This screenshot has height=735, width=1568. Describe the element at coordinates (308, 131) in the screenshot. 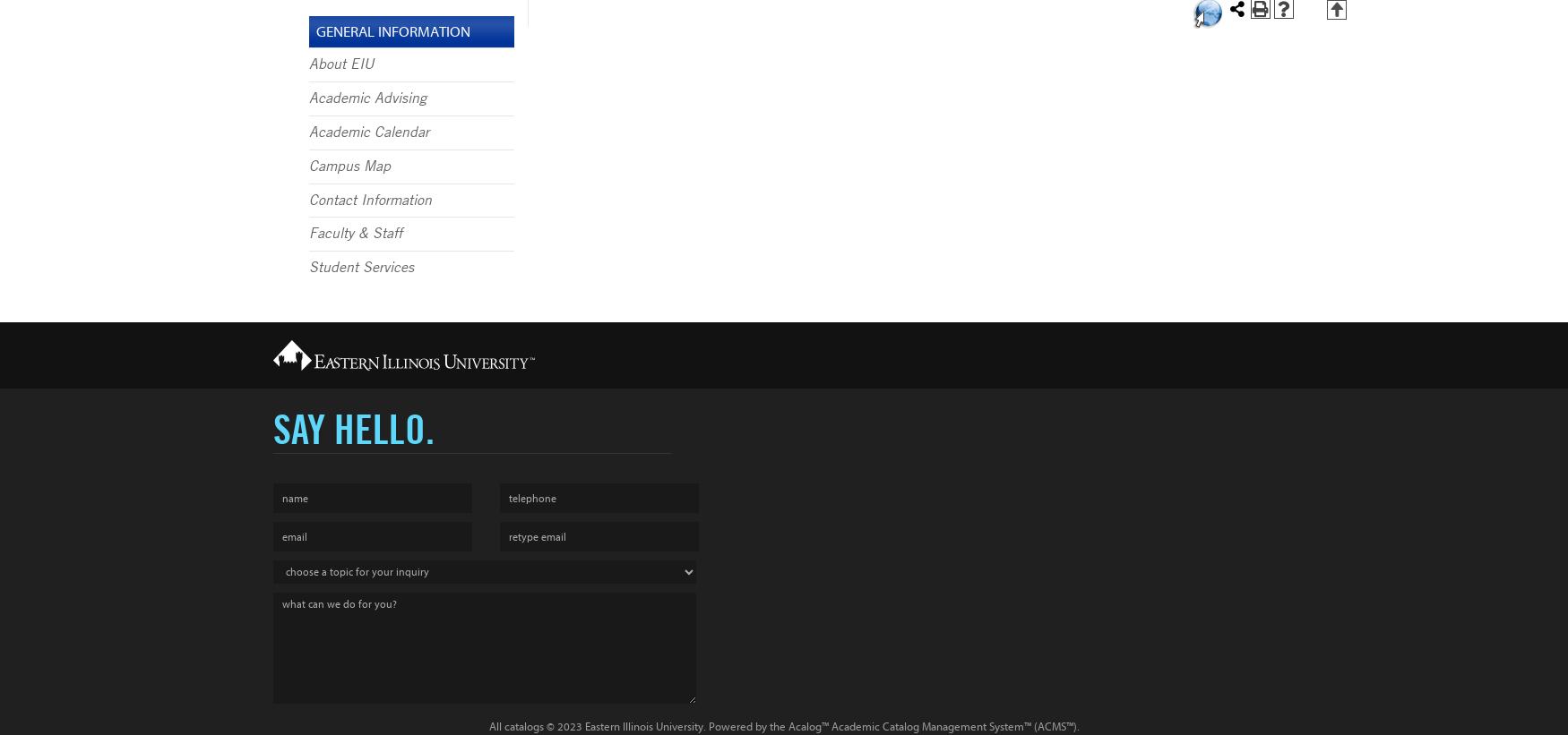

I see `'Academic Calendar'` at that location.